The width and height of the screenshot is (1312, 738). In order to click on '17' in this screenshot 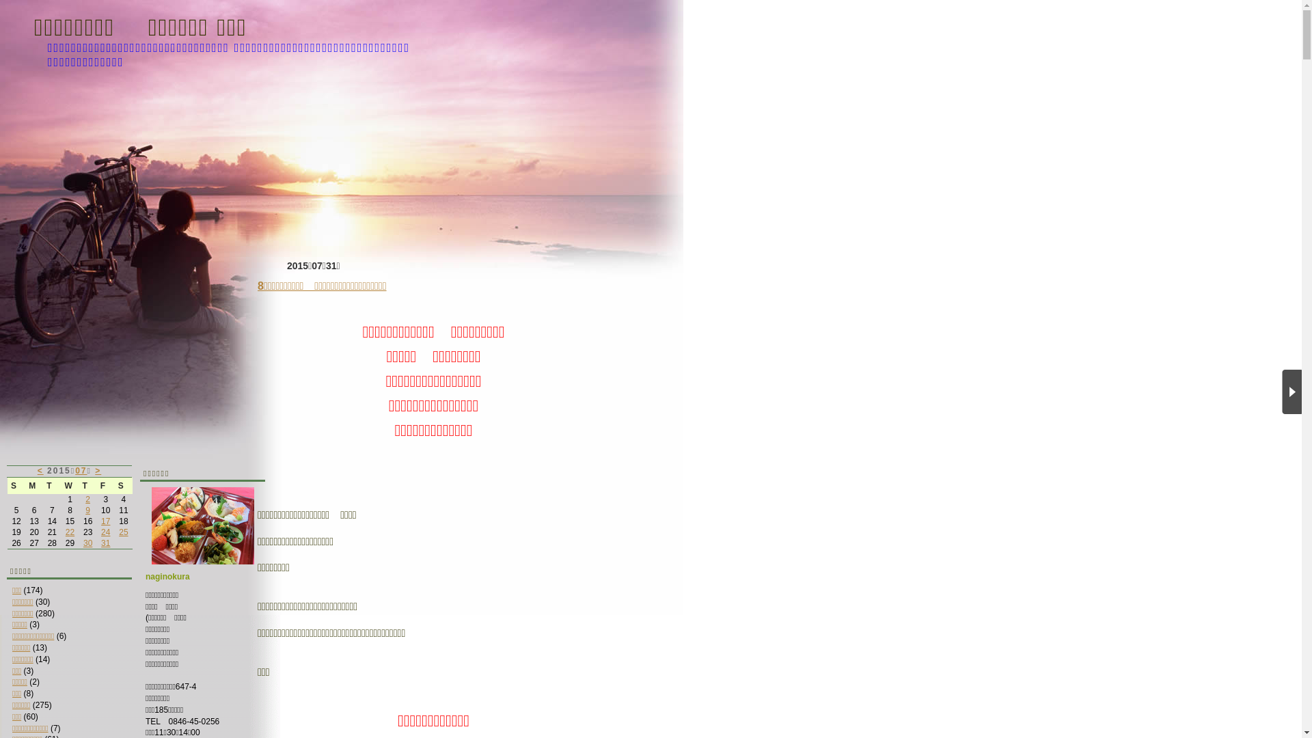, I will do `click(105, 521)`.